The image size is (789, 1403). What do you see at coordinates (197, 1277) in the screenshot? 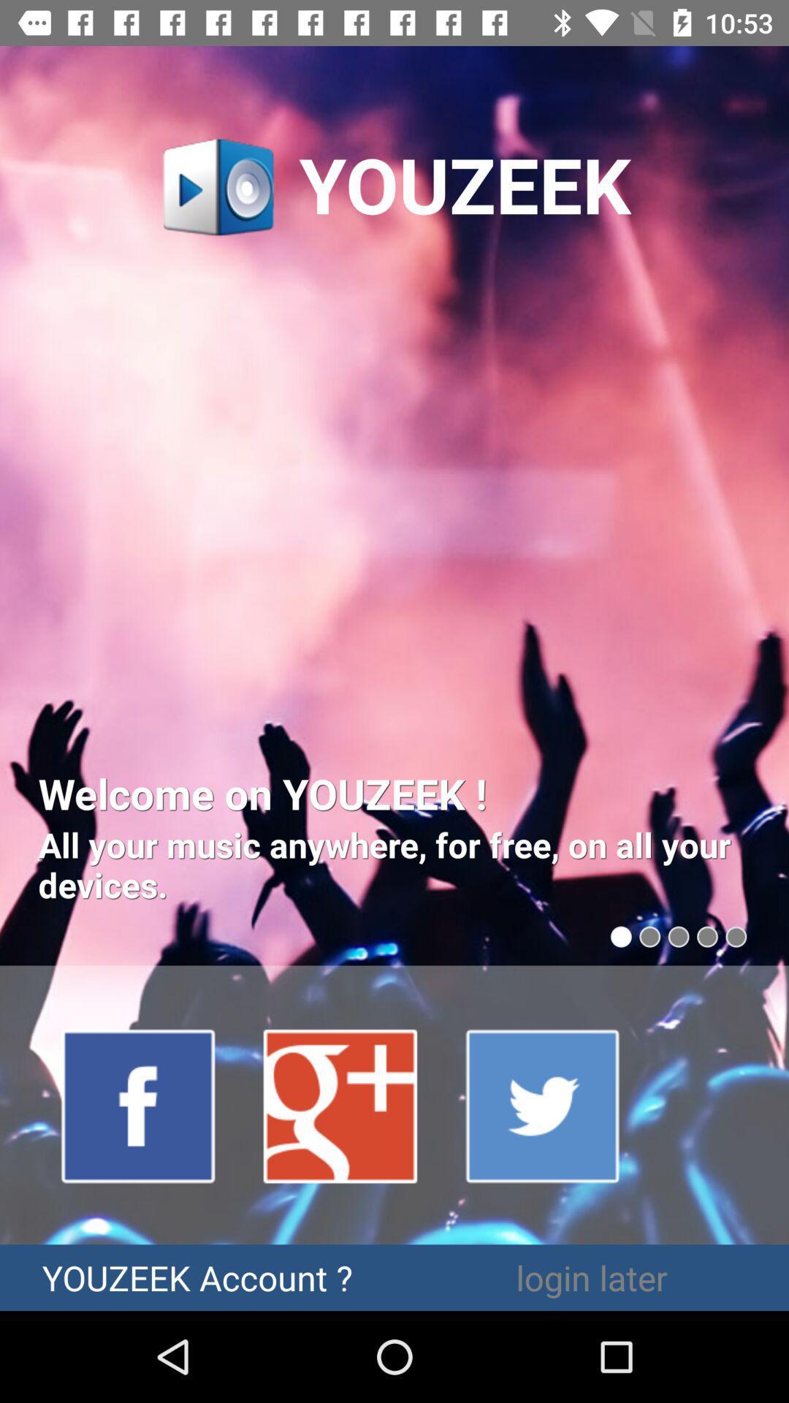
I see `youzeek account ? item` at bounding box center [197, 1277].